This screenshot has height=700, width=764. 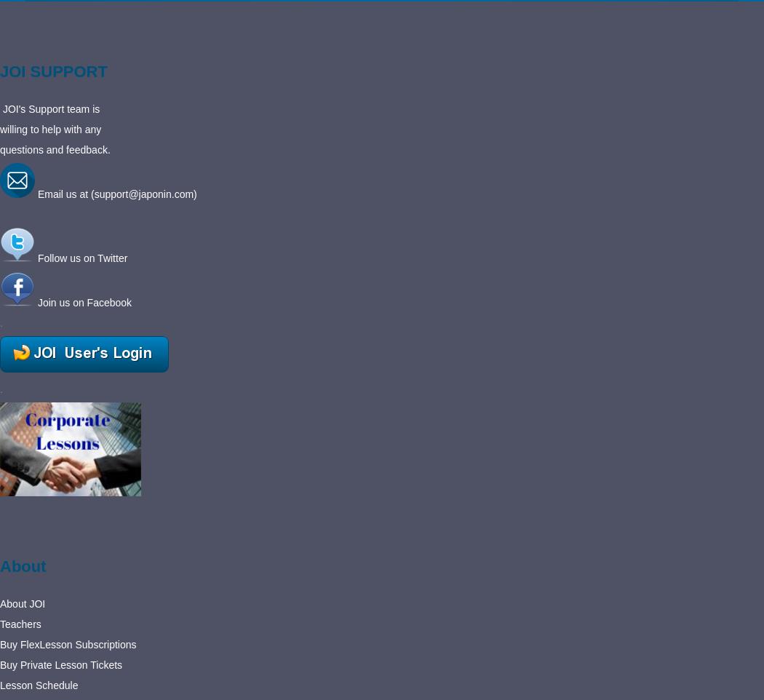 I want to click on 'Follow us on Twitter', so click(x=81, y=258).